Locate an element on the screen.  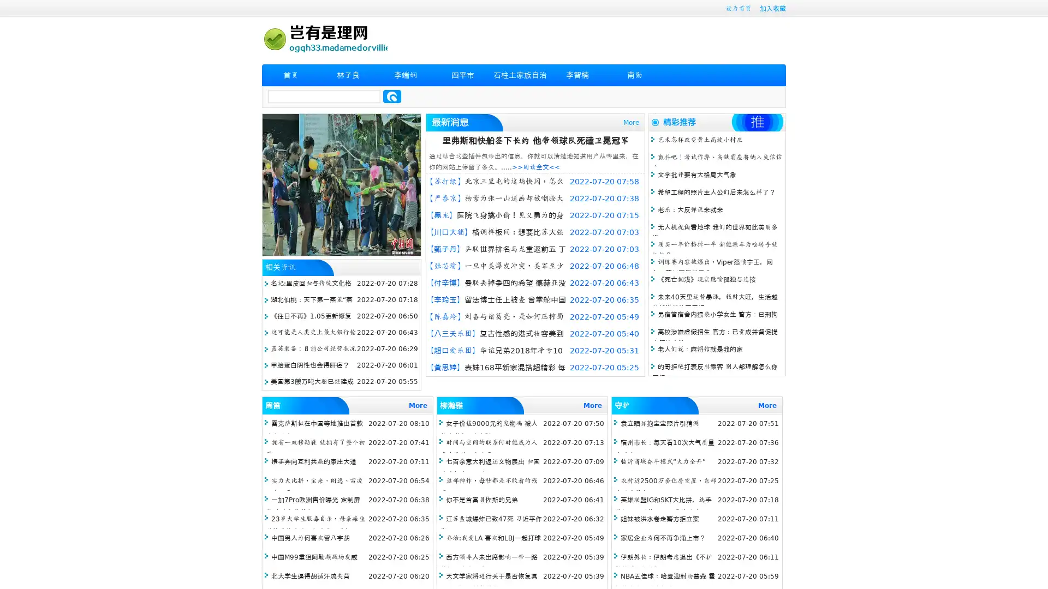
Search is located at coordinates (392, 96).